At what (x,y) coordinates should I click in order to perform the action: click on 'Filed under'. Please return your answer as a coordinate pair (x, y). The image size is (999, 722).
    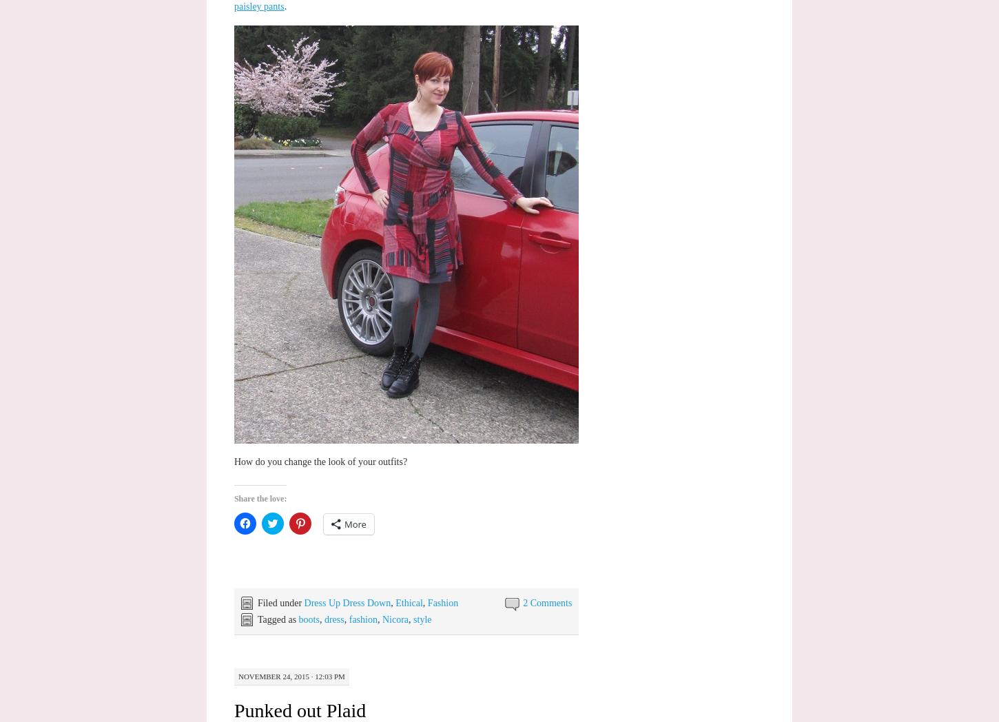
    Looking at the image, I should click on (280, 601).